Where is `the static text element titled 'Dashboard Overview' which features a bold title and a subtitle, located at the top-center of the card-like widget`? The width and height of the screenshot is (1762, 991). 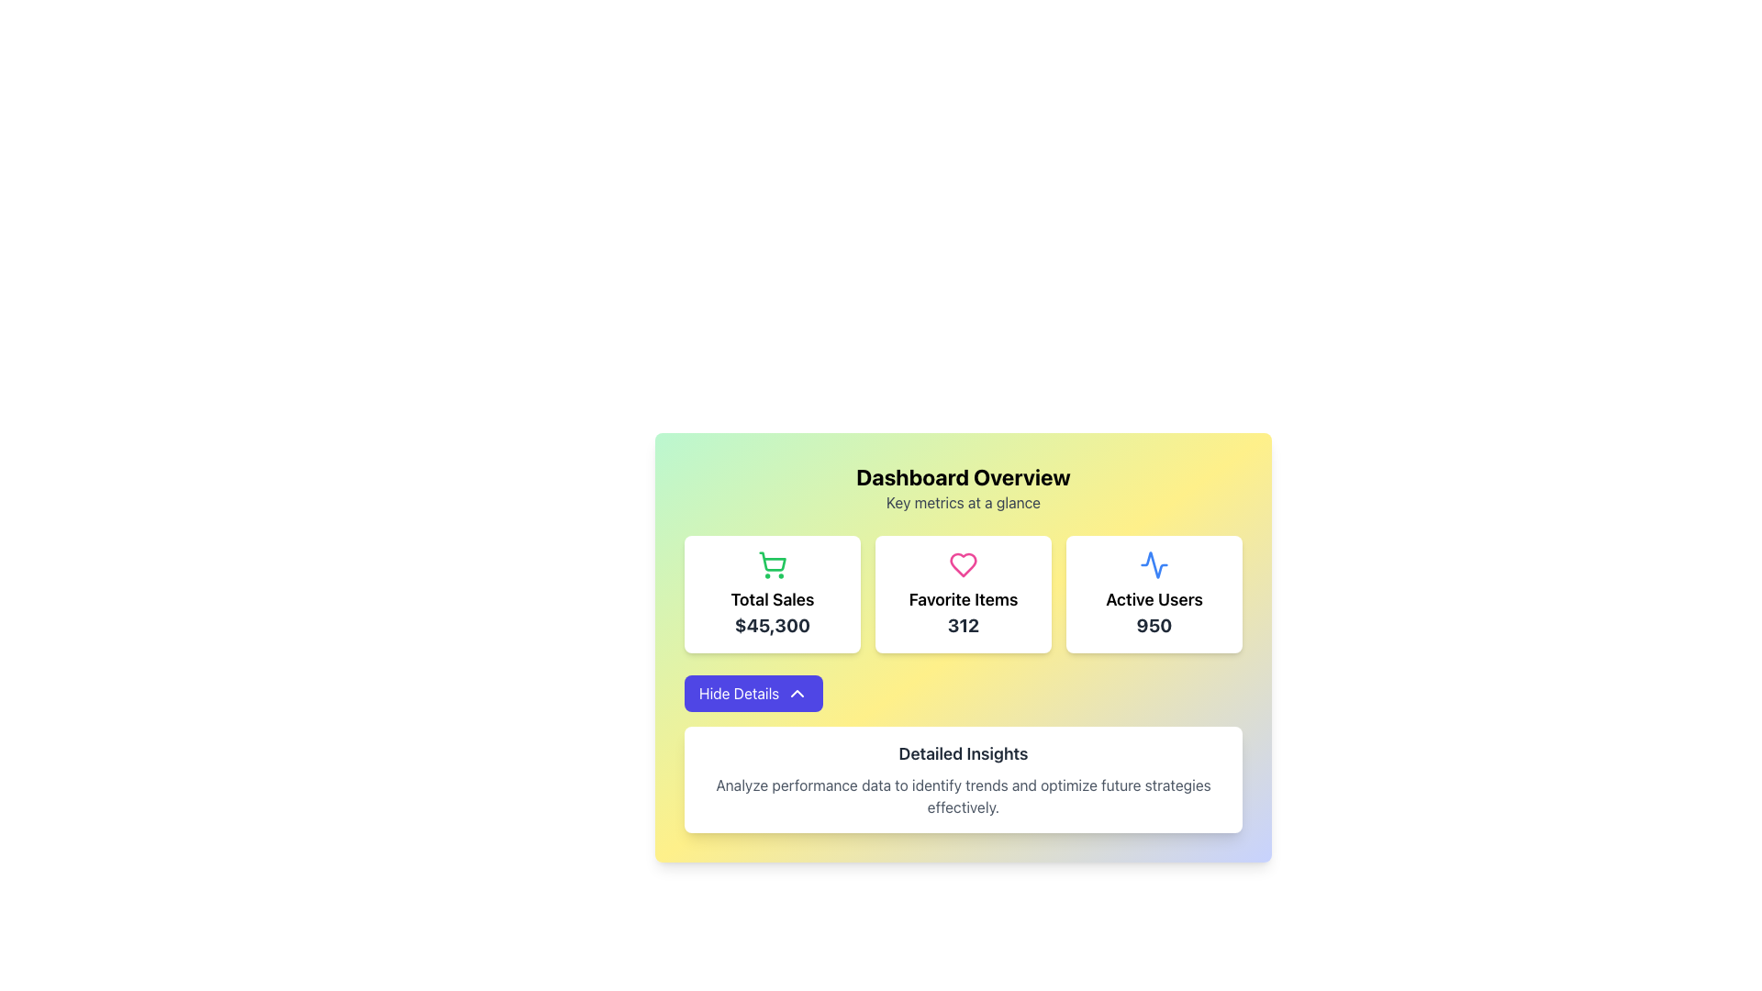 the static text element titled 'Dashboard Overview' which features a bold title and a subtitle, located at the top-center of the card-like widget is located at coordinates (963, 487).